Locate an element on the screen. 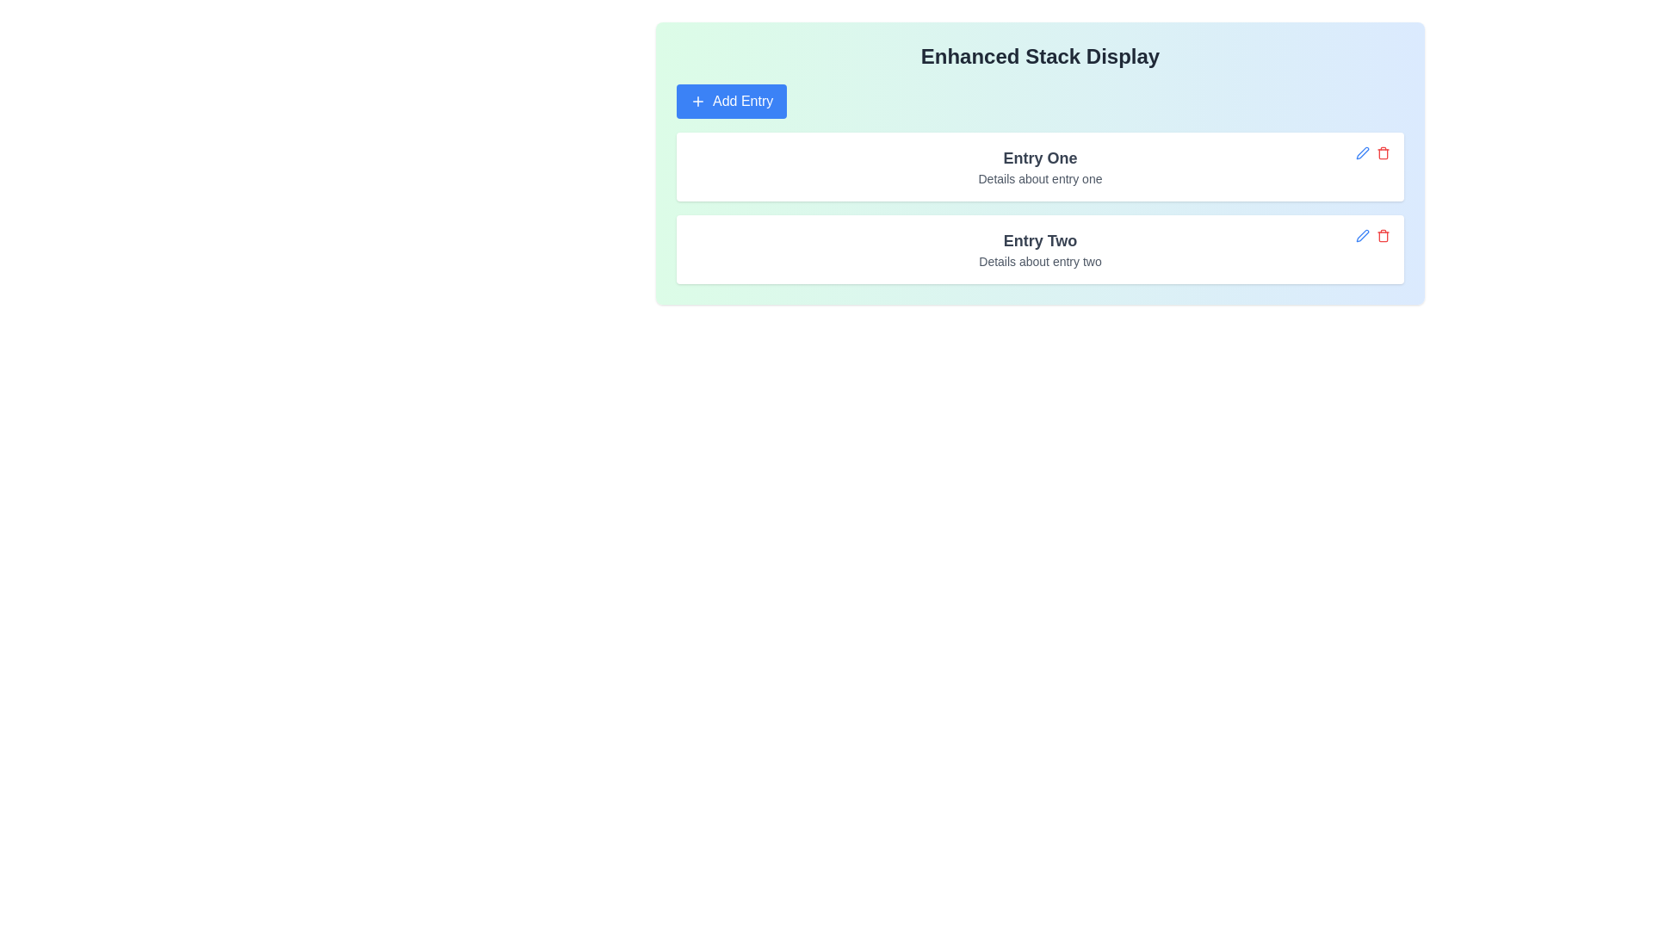 This screenshot has width=1653, height=930. the pencil icon in the toolbar of the card labeled 'Entry Two' is located at coordinates (1371, 235).